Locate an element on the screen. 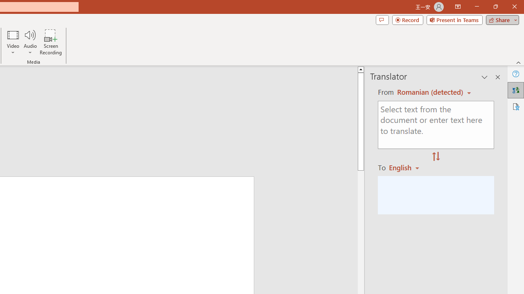  'Video' is located at coordinates (13, 42).